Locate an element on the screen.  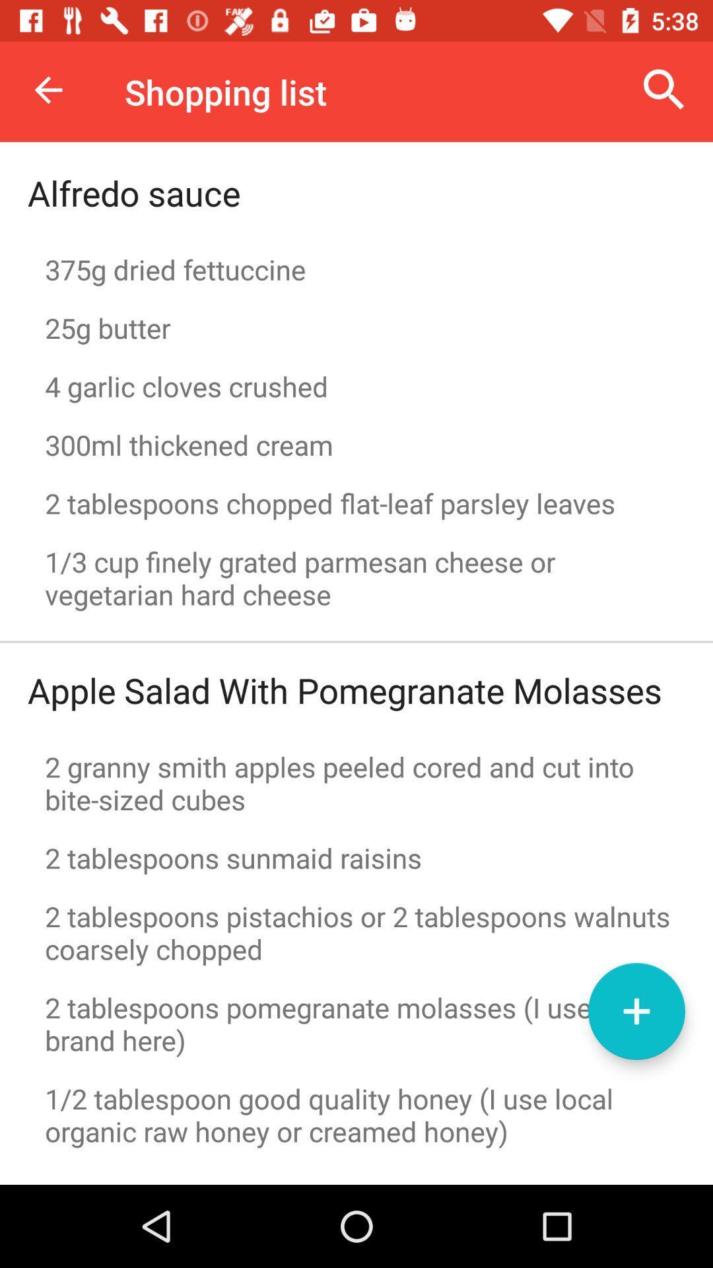
icon above the 4 garlic cloves item is located at coordinates (356, 328).